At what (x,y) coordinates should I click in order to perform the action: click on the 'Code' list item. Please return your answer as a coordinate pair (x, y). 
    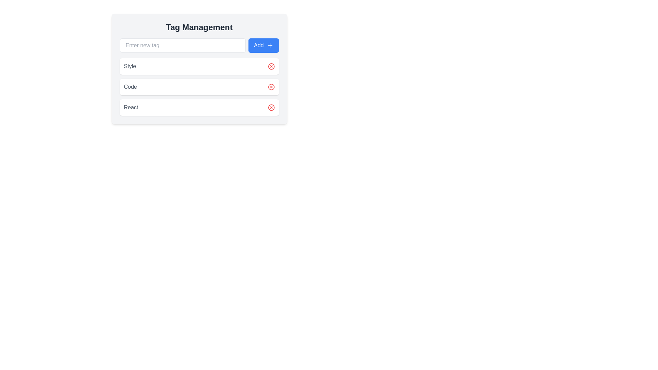
    Looking at the image, I should click on (199, 87).